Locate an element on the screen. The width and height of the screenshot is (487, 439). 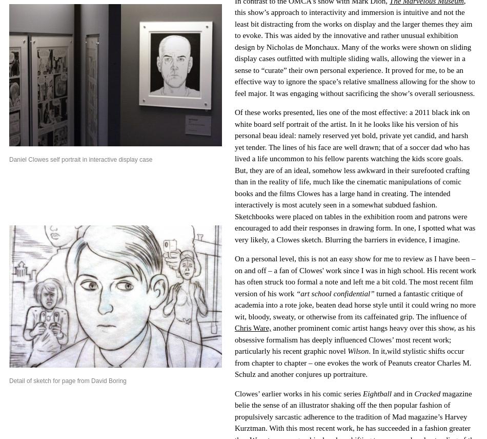
'Detail of sketch for page from David Boring' is located at coordinates (9, 380).